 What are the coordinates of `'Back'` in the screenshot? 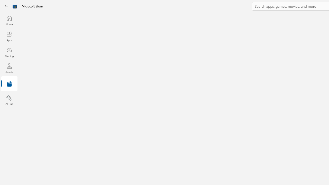 It's located at (6, 6).